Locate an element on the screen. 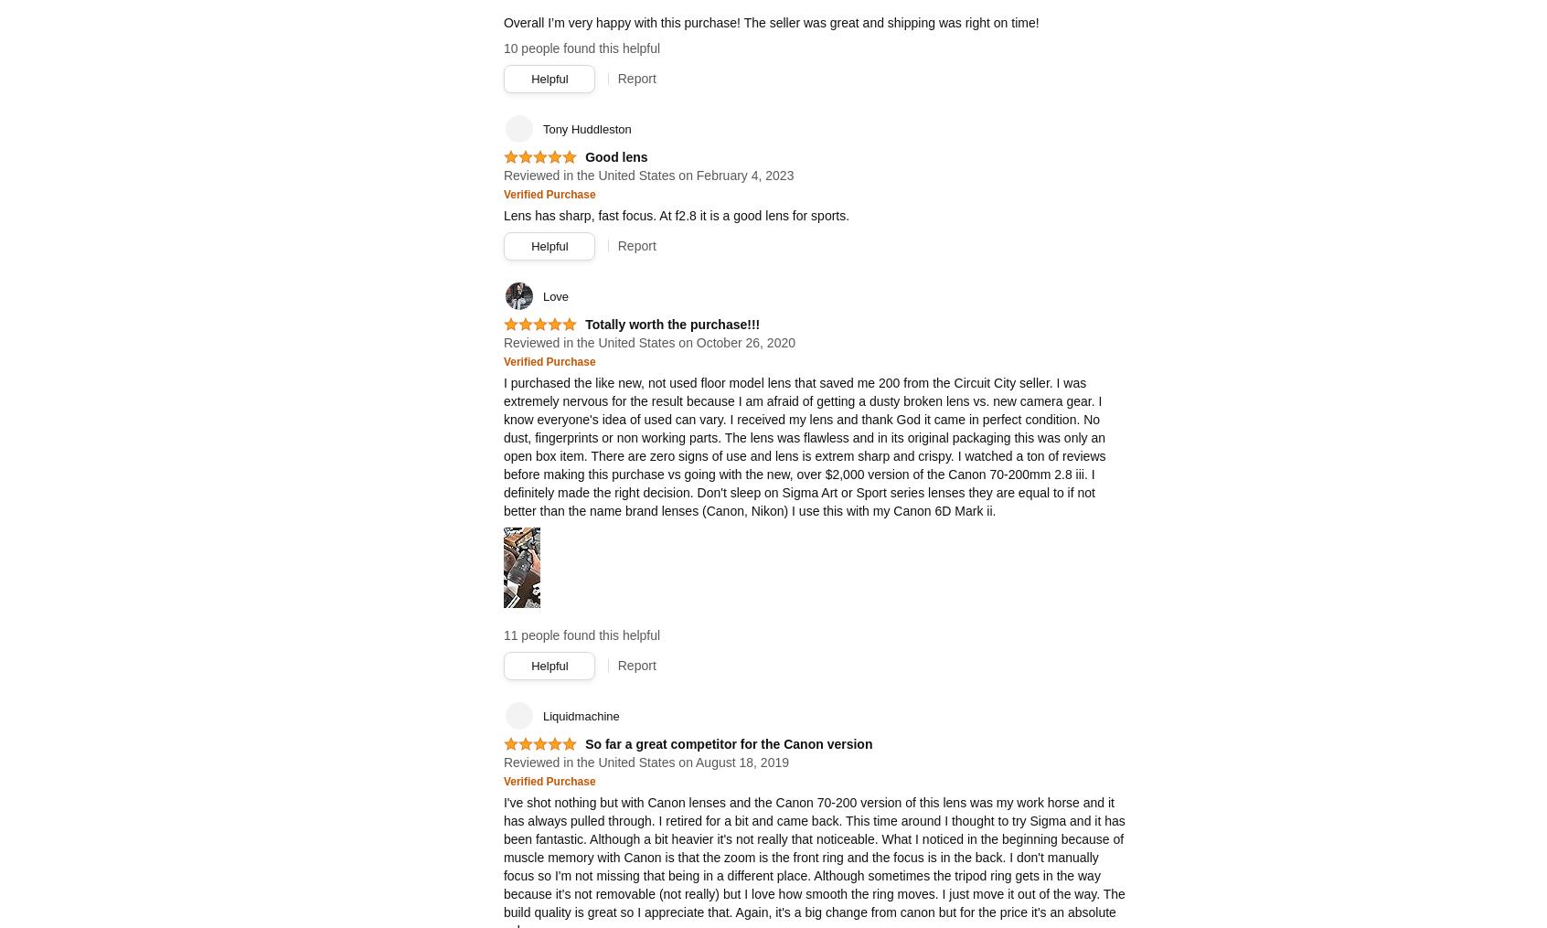  'Love' is located at coordinates (554, 295).